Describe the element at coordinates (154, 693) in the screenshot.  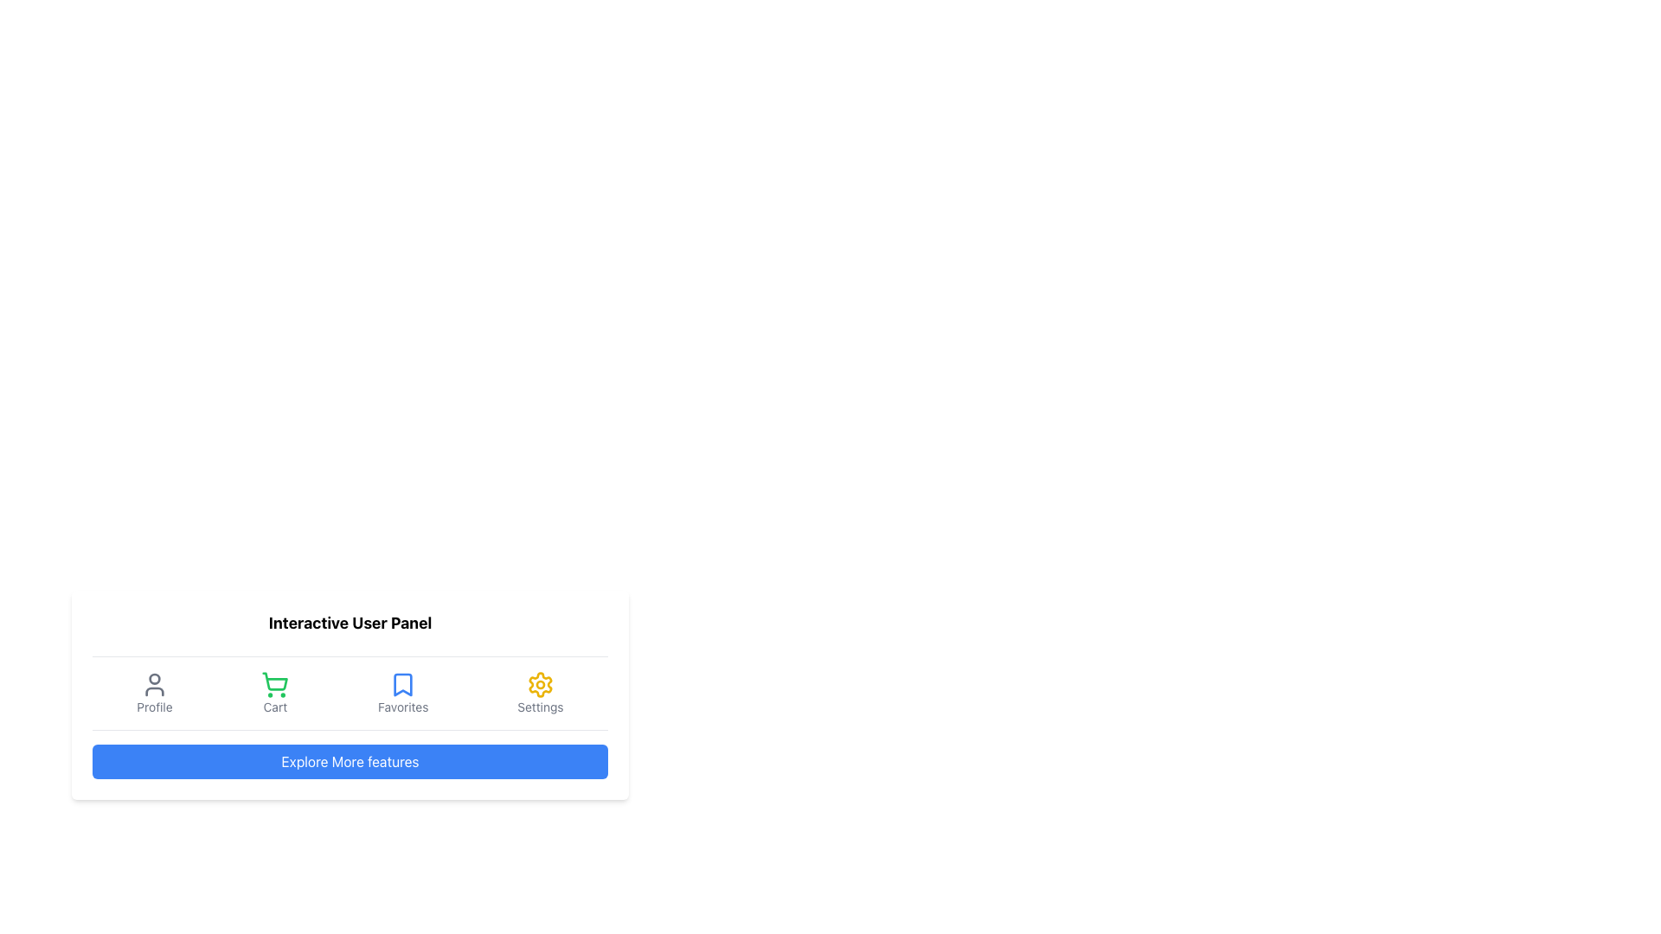
I see `the 'Profile' button, which features a user head-and-shoulder silhouette icon and is the first element in a horizontal navigation group` at that location.